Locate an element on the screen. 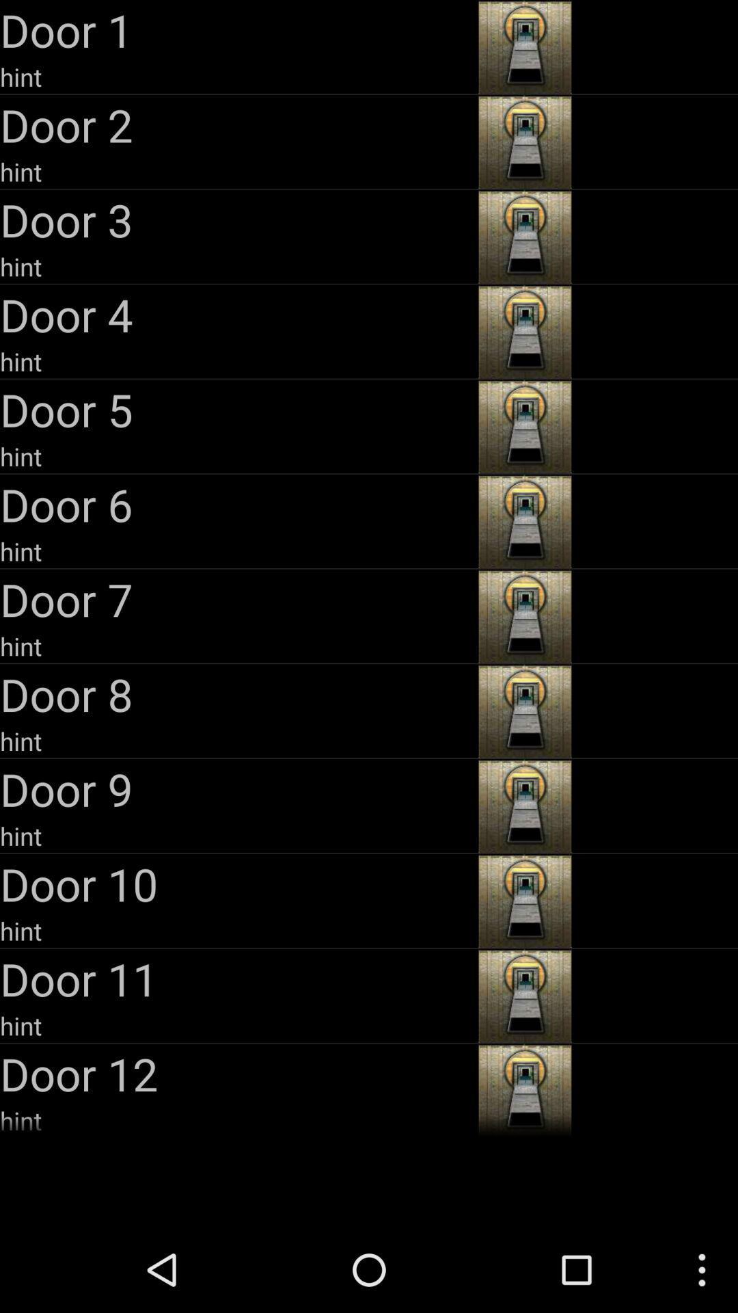  the item below the hint app is located at coordinates (236, 503).